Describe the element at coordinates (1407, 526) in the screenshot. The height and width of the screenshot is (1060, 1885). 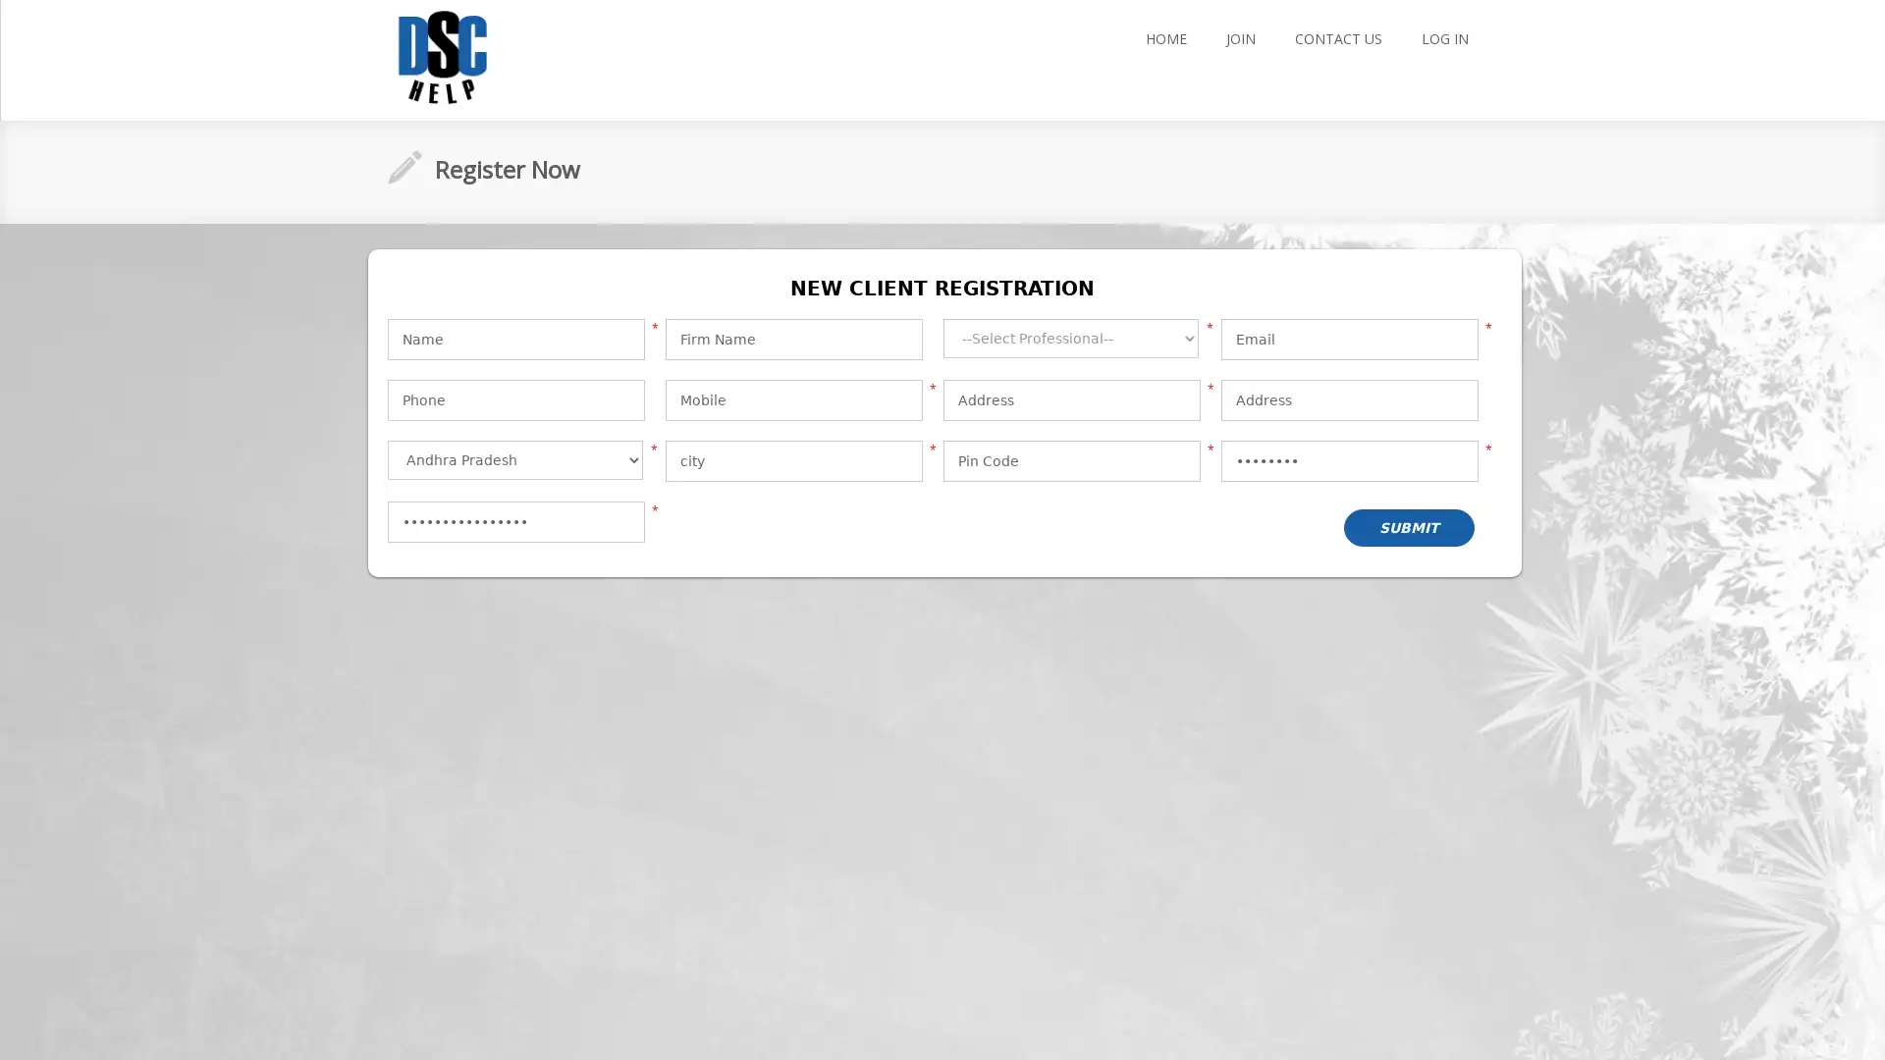
I see `Submit` at that location.